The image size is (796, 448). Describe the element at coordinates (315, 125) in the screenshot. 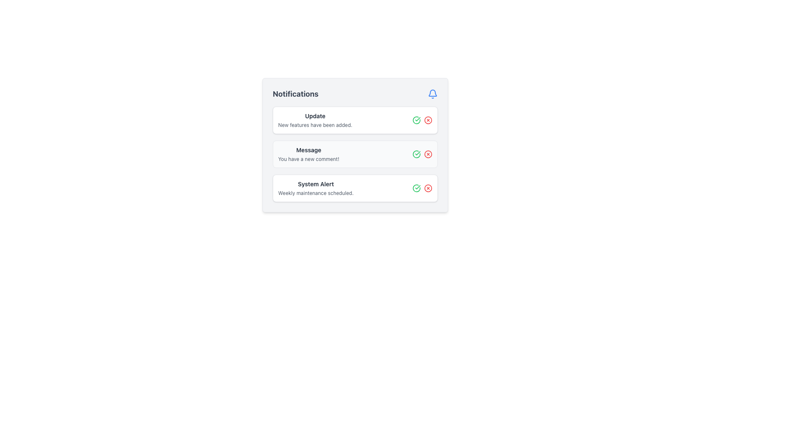

I see `the text label displaying 'New features have been added.' which is positioned below the 'Update' header in the notification entry` at that location.